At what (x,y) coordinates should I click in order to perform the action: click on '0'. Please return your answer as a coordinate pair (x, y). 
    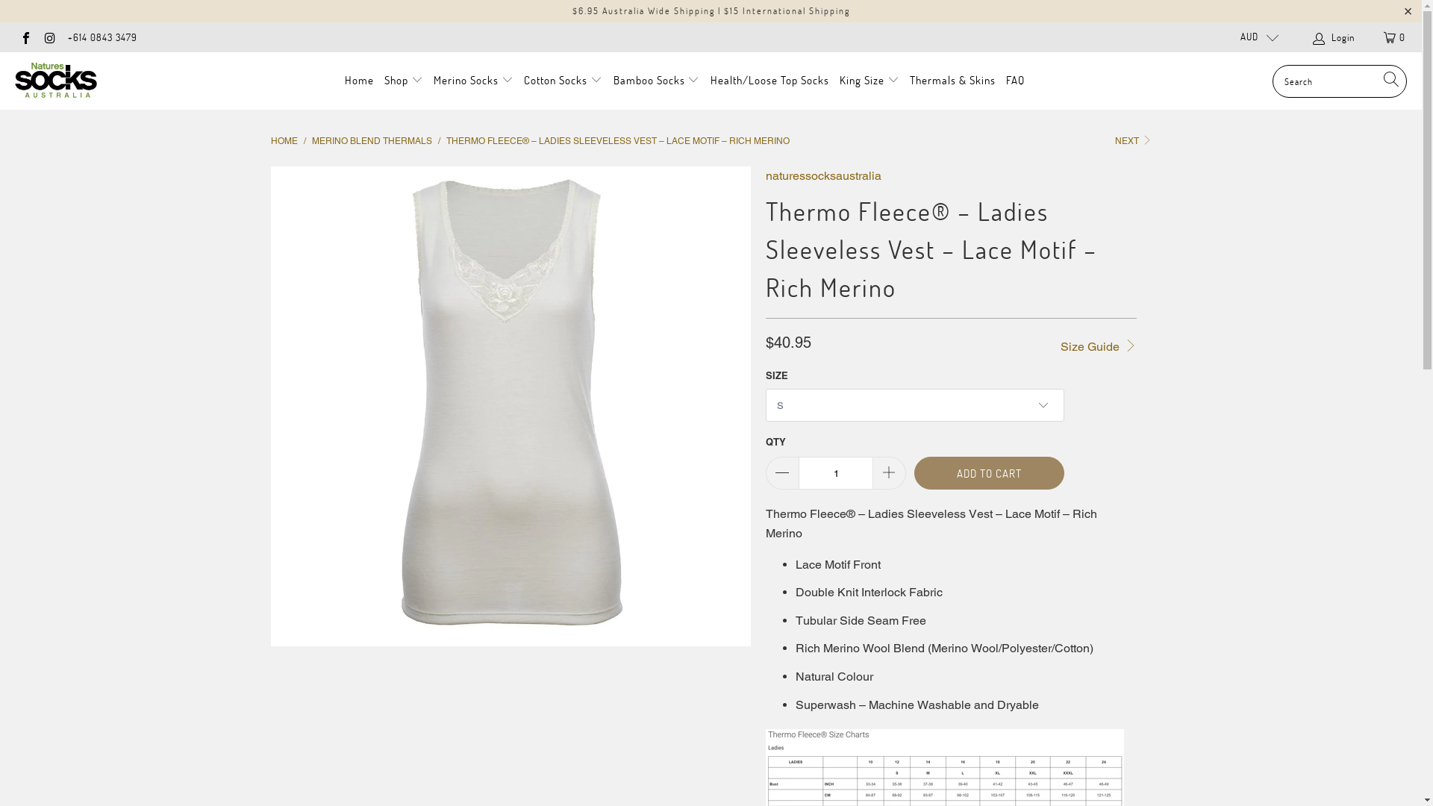
    Looking at the image, I should click on (1369, 37).